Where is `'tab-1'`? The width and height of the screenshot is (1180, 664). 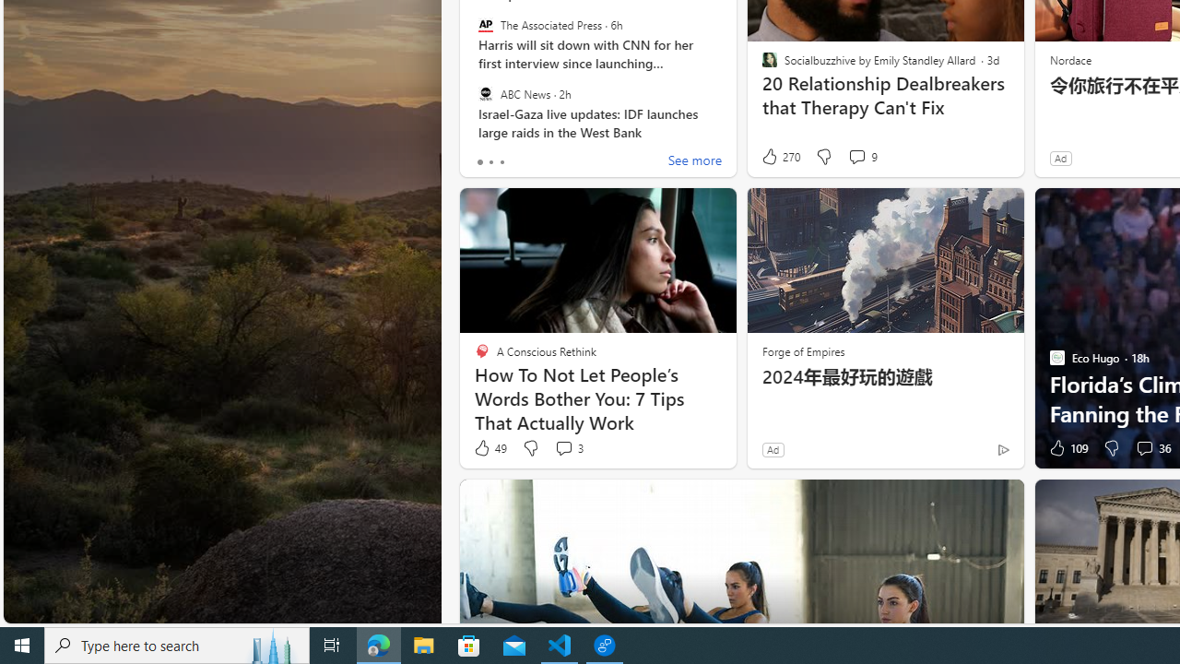 'tab-1' is located at coordinates (490, 161).